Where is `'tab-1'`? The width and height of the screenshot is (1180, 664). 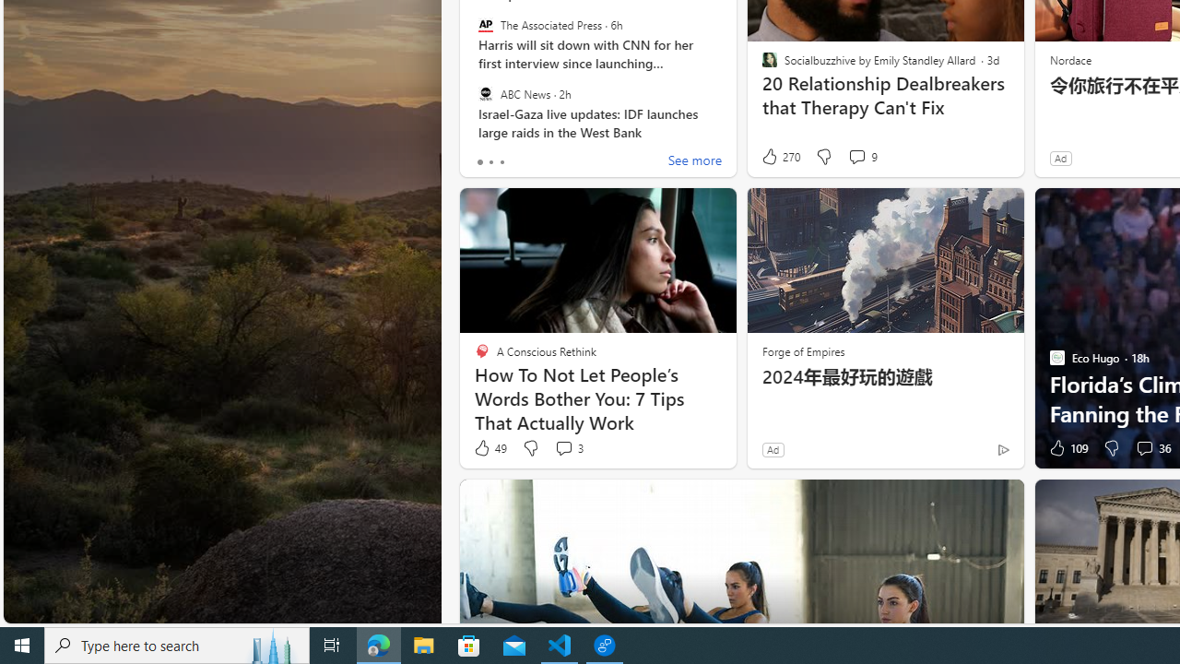 'tab-1' is located at coordinates (490, 161).